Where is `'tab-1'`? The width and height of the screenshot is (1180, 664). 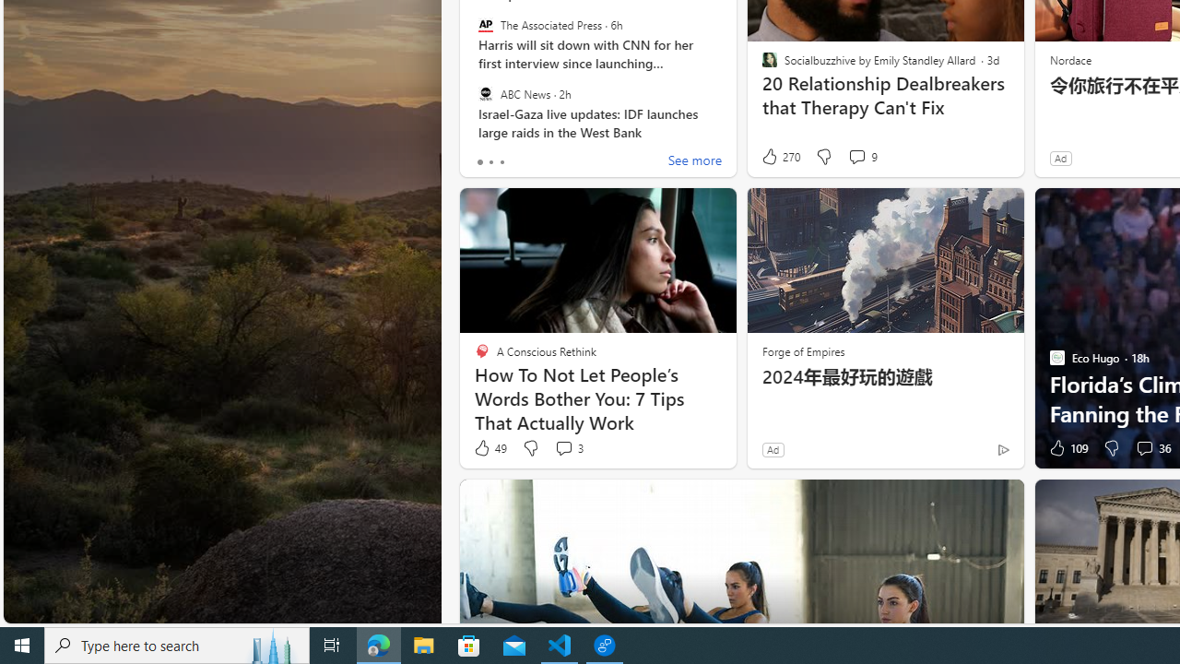 'tab-1' is located at coordinates (490, 161).